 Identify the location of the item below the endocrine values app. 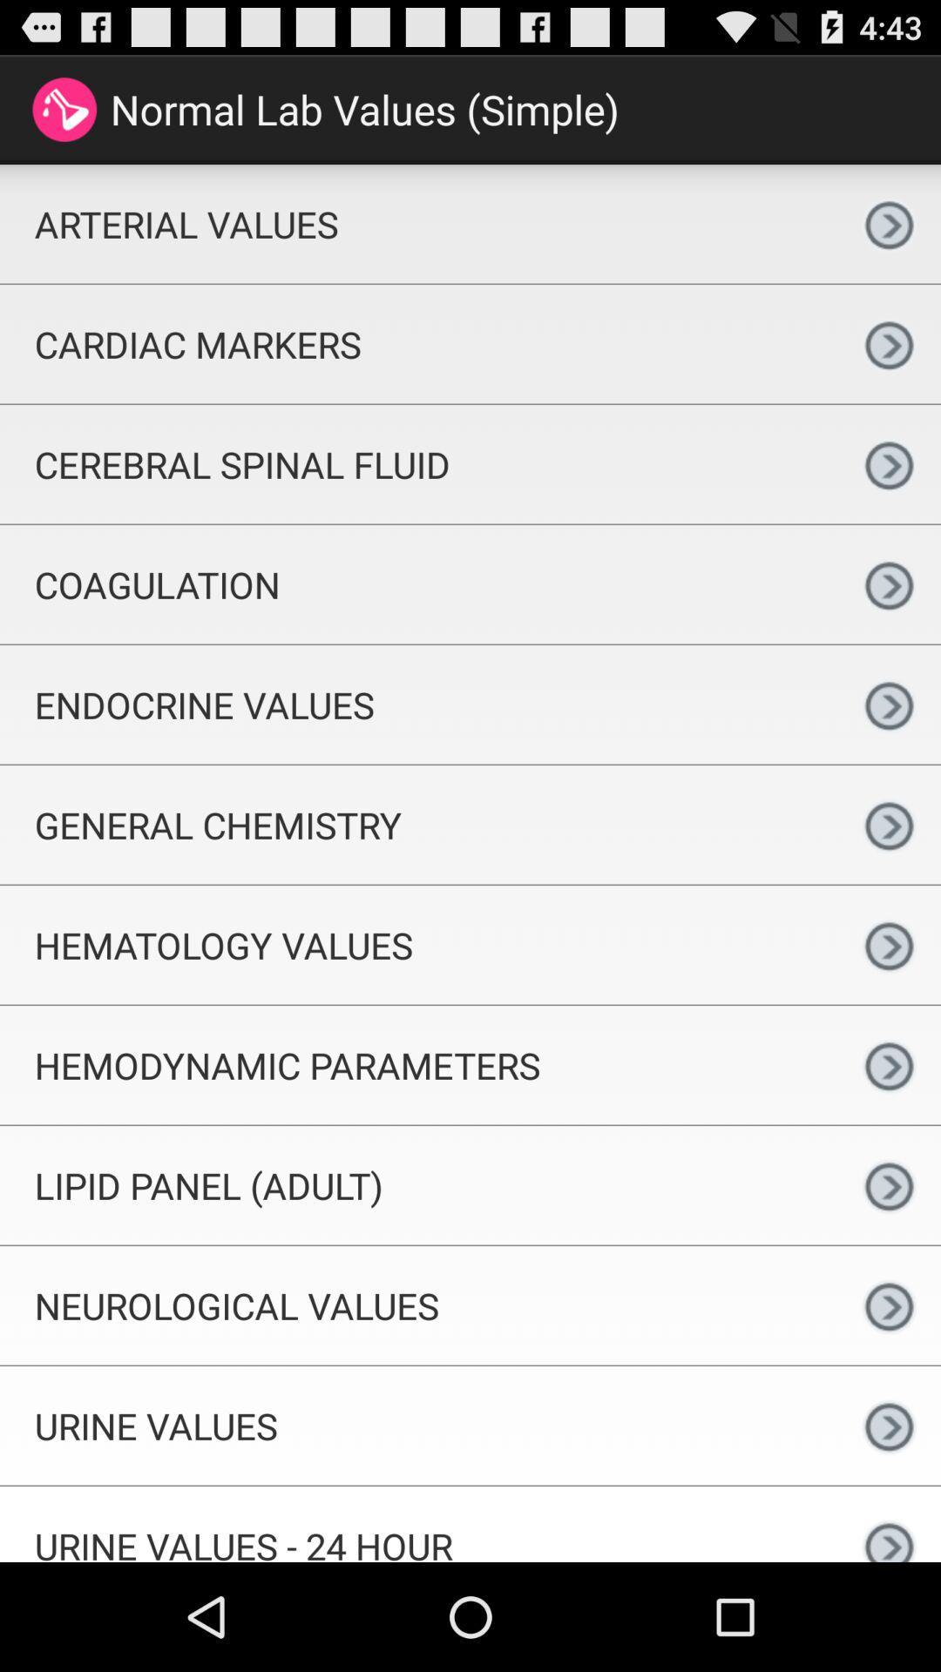
(418, 824).